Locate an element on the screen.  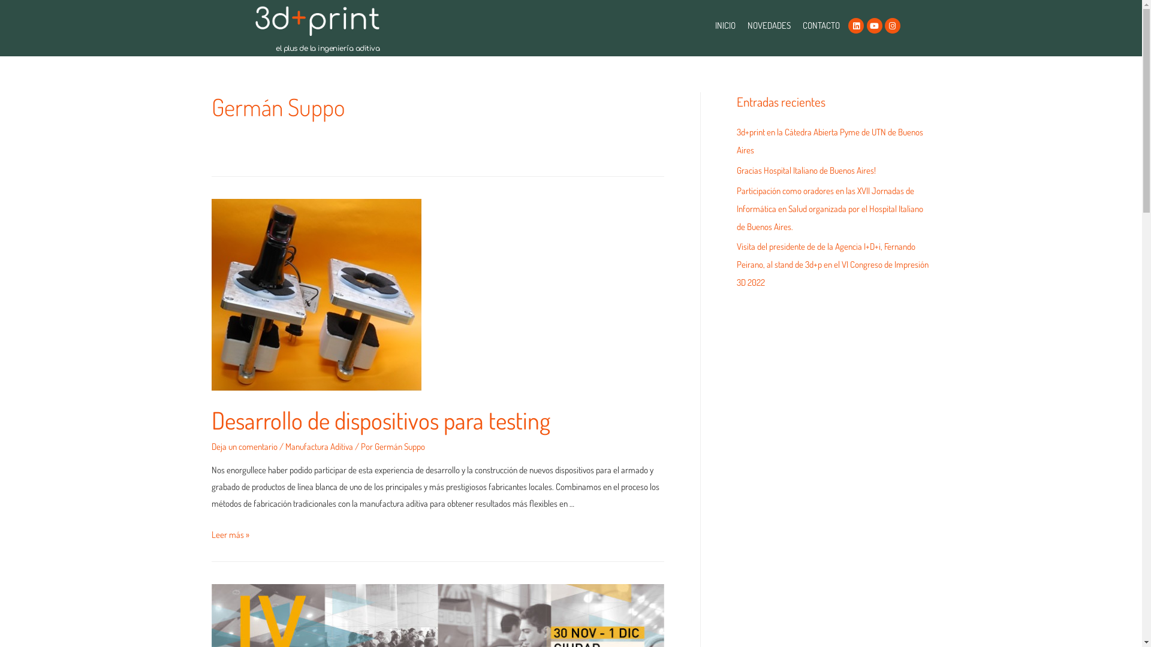
'CONTACTO' is located at coordinates (797, 25).